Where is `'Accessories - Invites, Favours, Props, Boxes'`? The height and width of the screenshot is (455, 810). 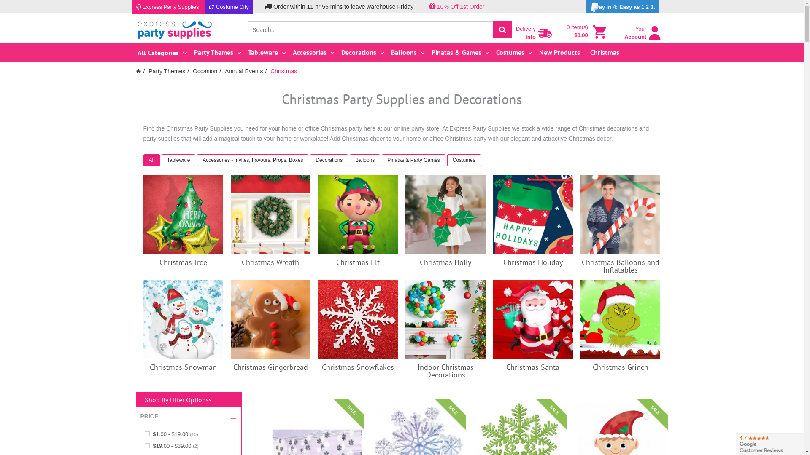 'Accessories - Invites, Favours, Props, Boxes' is located at coordinates (253, 161).